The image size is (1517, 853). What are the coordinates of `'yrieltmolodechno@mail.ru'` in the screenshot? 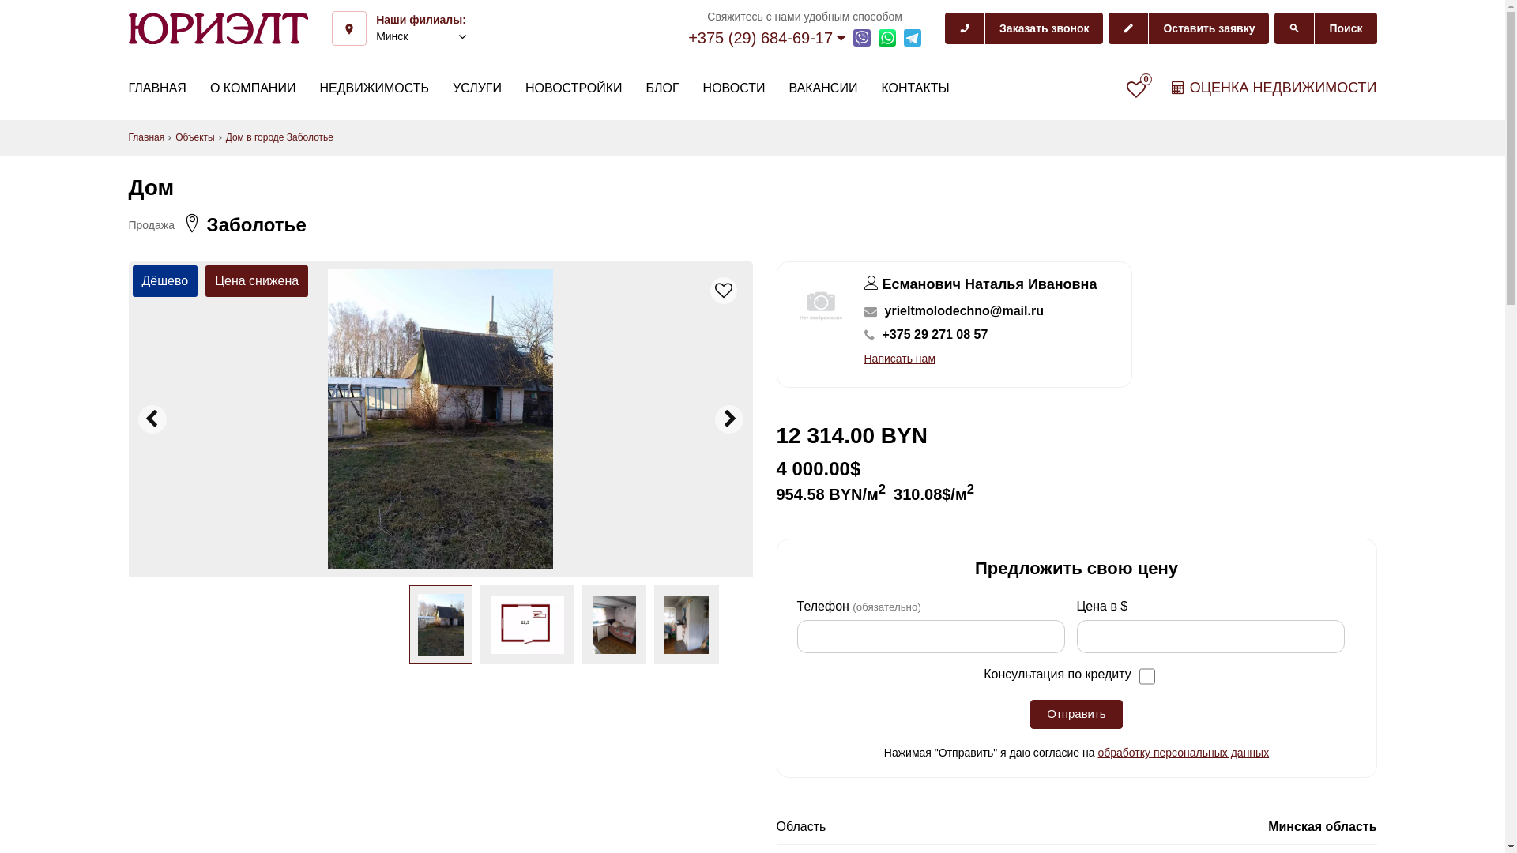 It's located at (963, 310).